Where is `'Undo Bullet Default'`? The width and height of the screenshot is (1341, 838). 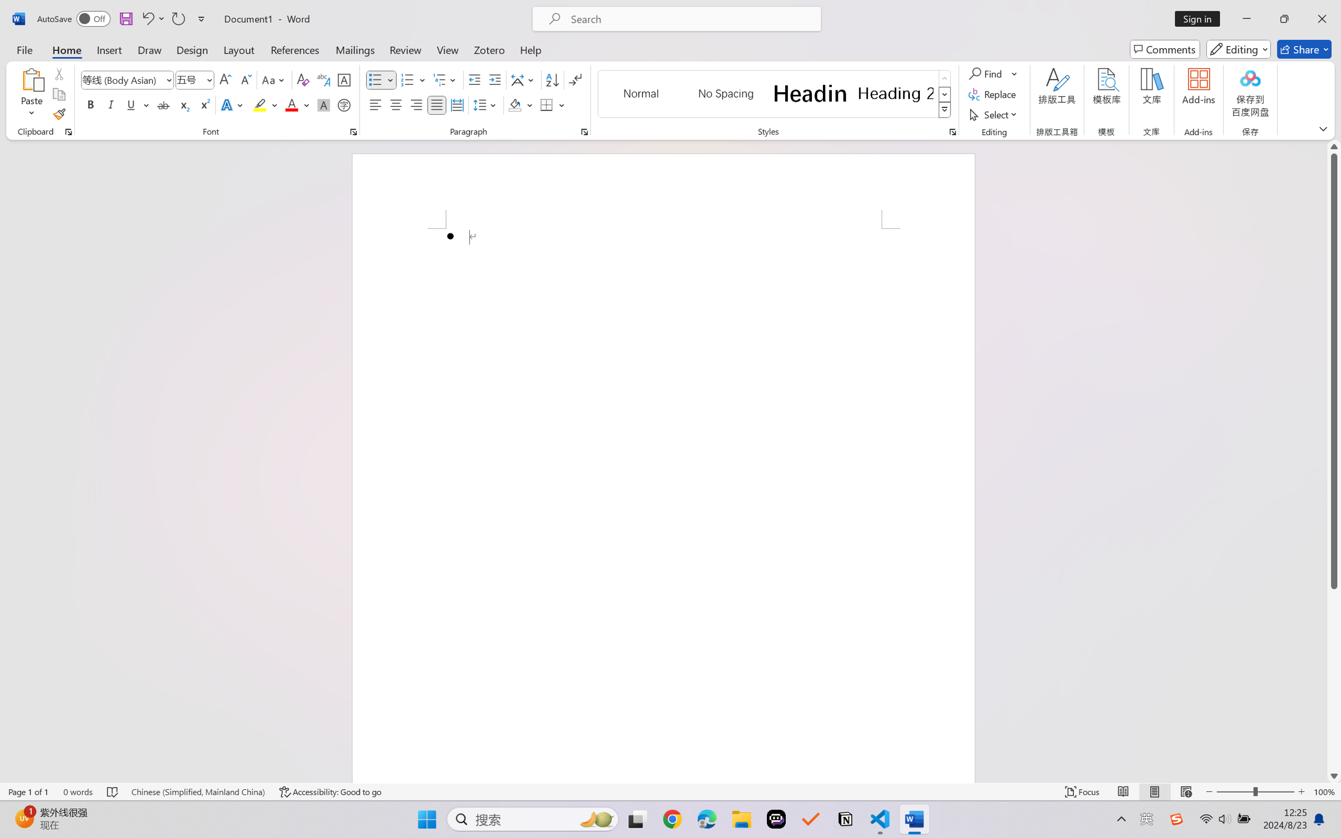 'Undo Bullet Default' is located at coordinates (152, 18).